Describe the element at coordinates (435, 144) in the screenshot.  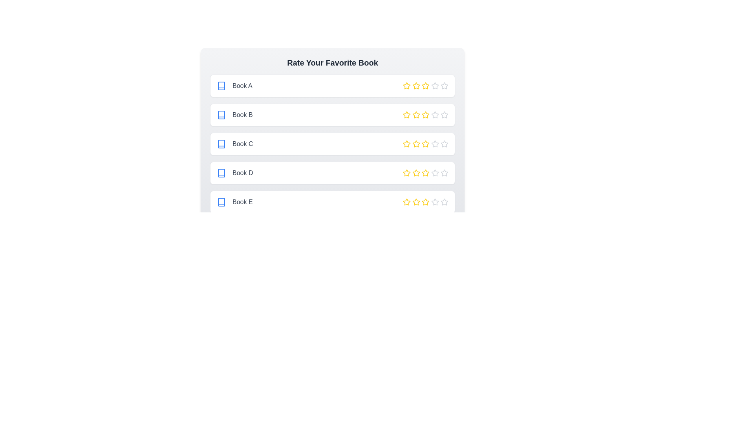
I see `the star corresponding to 4 stars for the book titled Book C` at that location.